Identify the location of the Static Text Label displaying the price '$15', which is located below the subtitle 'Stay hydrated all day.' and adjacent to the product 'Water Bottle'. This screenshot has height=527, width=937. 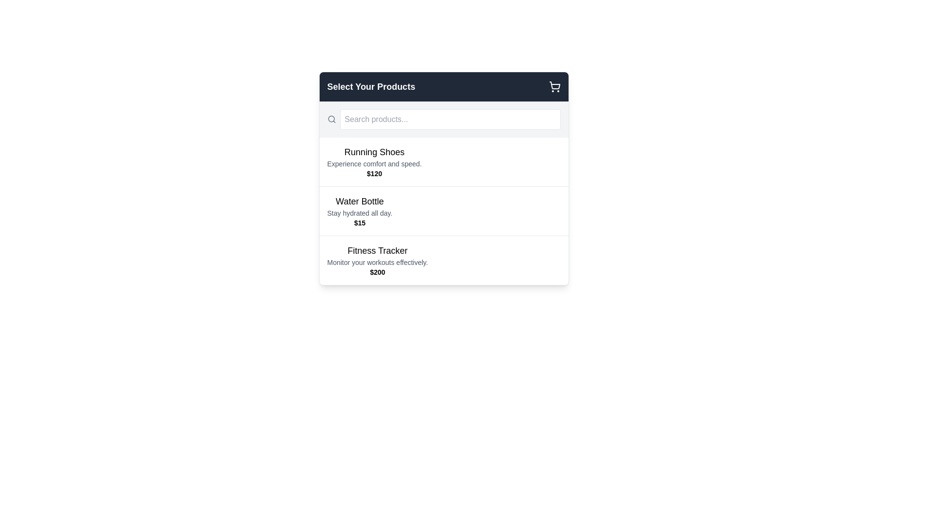
(359, 223).